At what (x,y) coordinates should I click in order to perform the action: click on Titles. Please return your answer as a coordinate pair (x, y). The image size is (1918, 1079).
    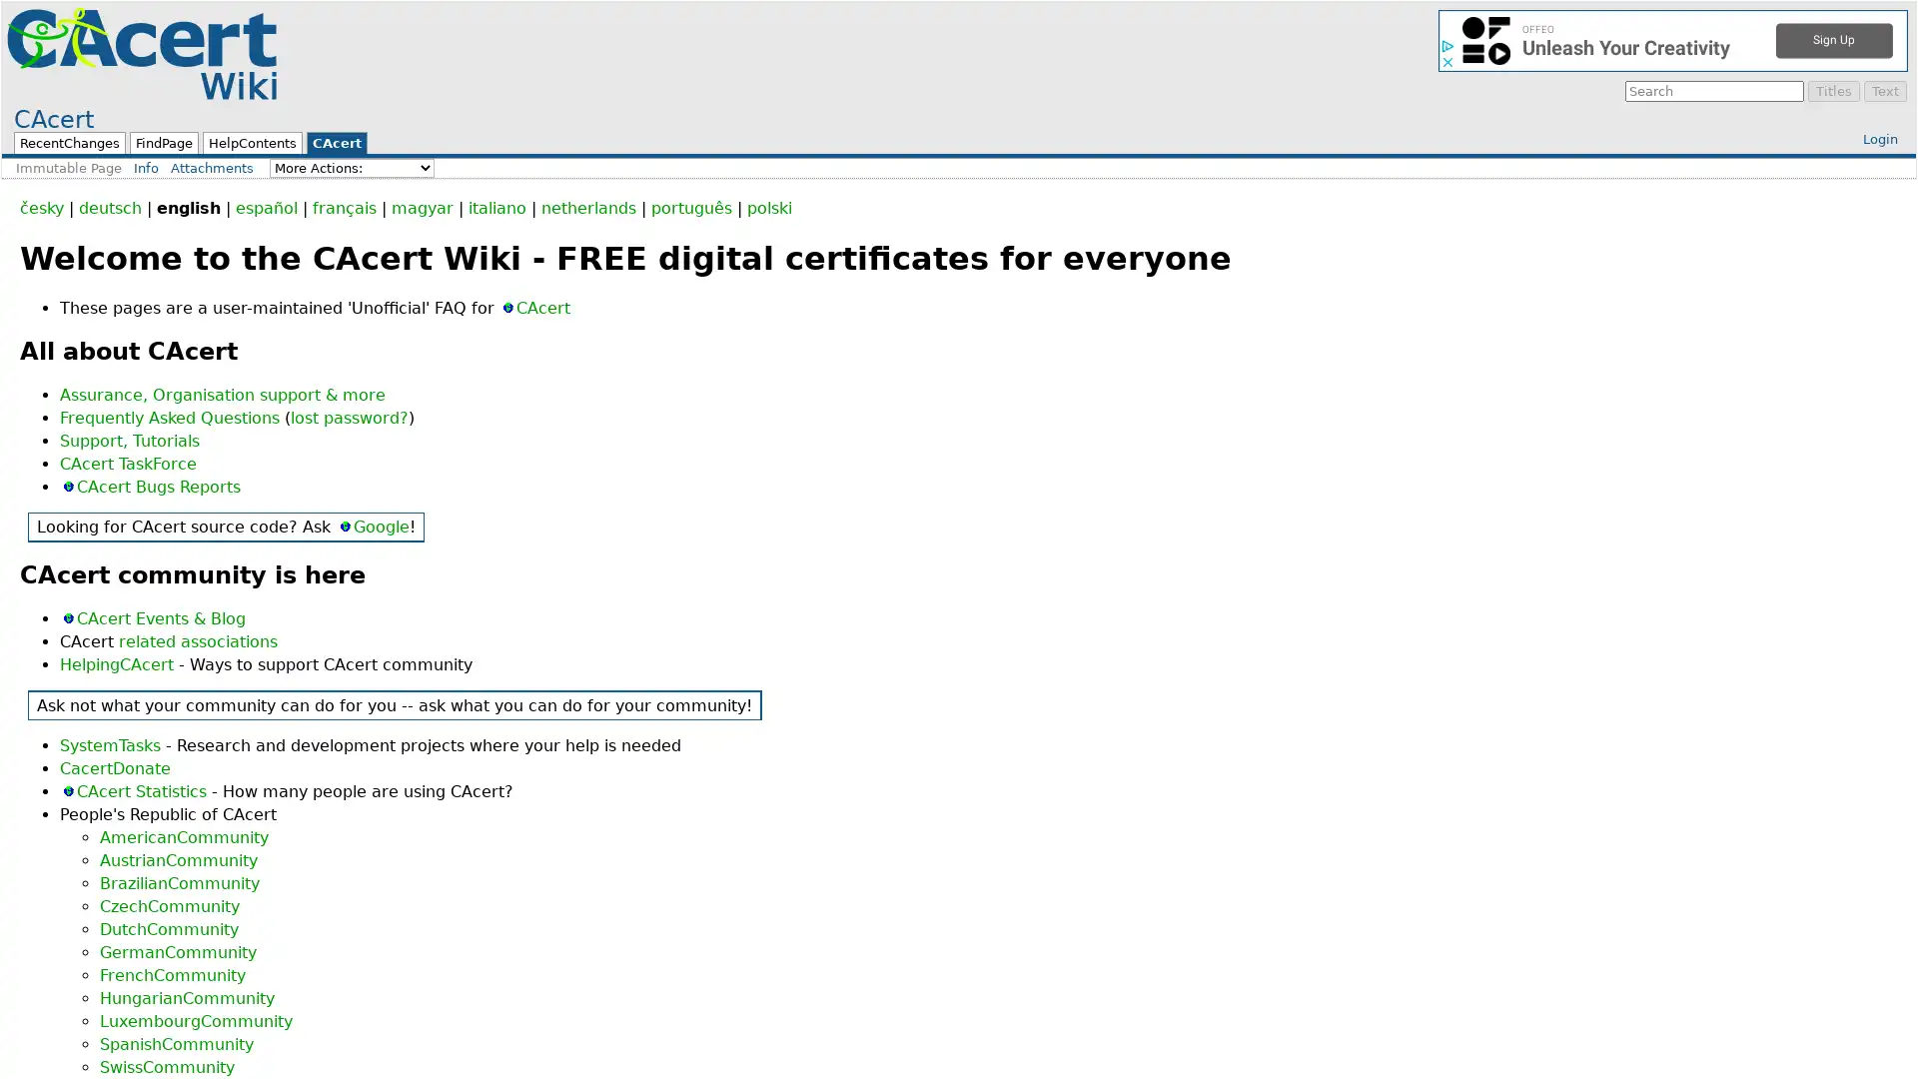
    Looking at the image, I should click on (1834, 91).